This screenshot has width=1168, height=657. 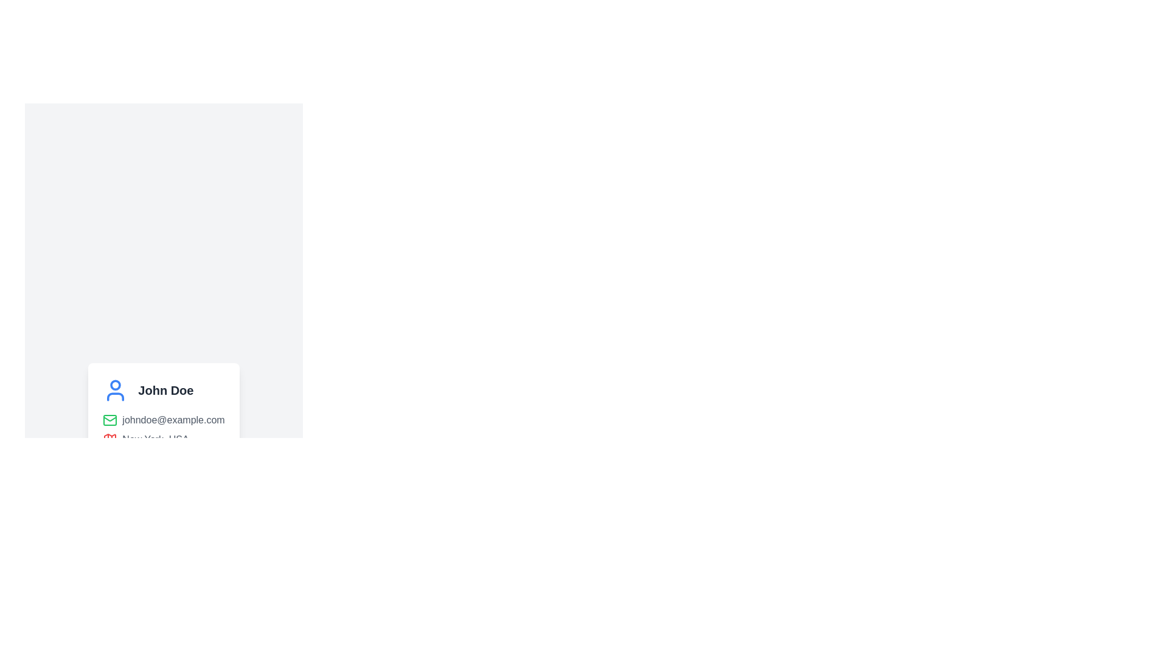 I want to click on the user profile card that displays user information including name, email address, and location, which is centrally located within the interface, so click(x=163, y=431).